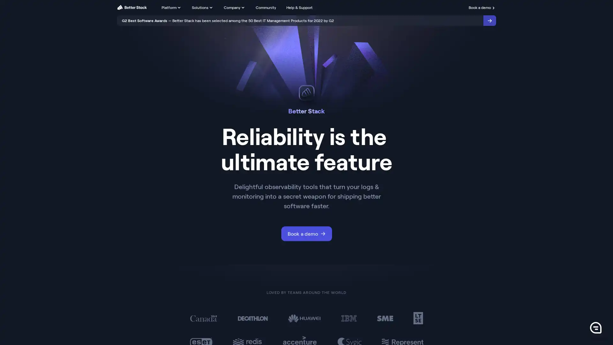 This screenshot has height=345, width=613. Describe the element at coordinates (595, 328) in the screenshot. I see `Launch Front Chat` at that location.